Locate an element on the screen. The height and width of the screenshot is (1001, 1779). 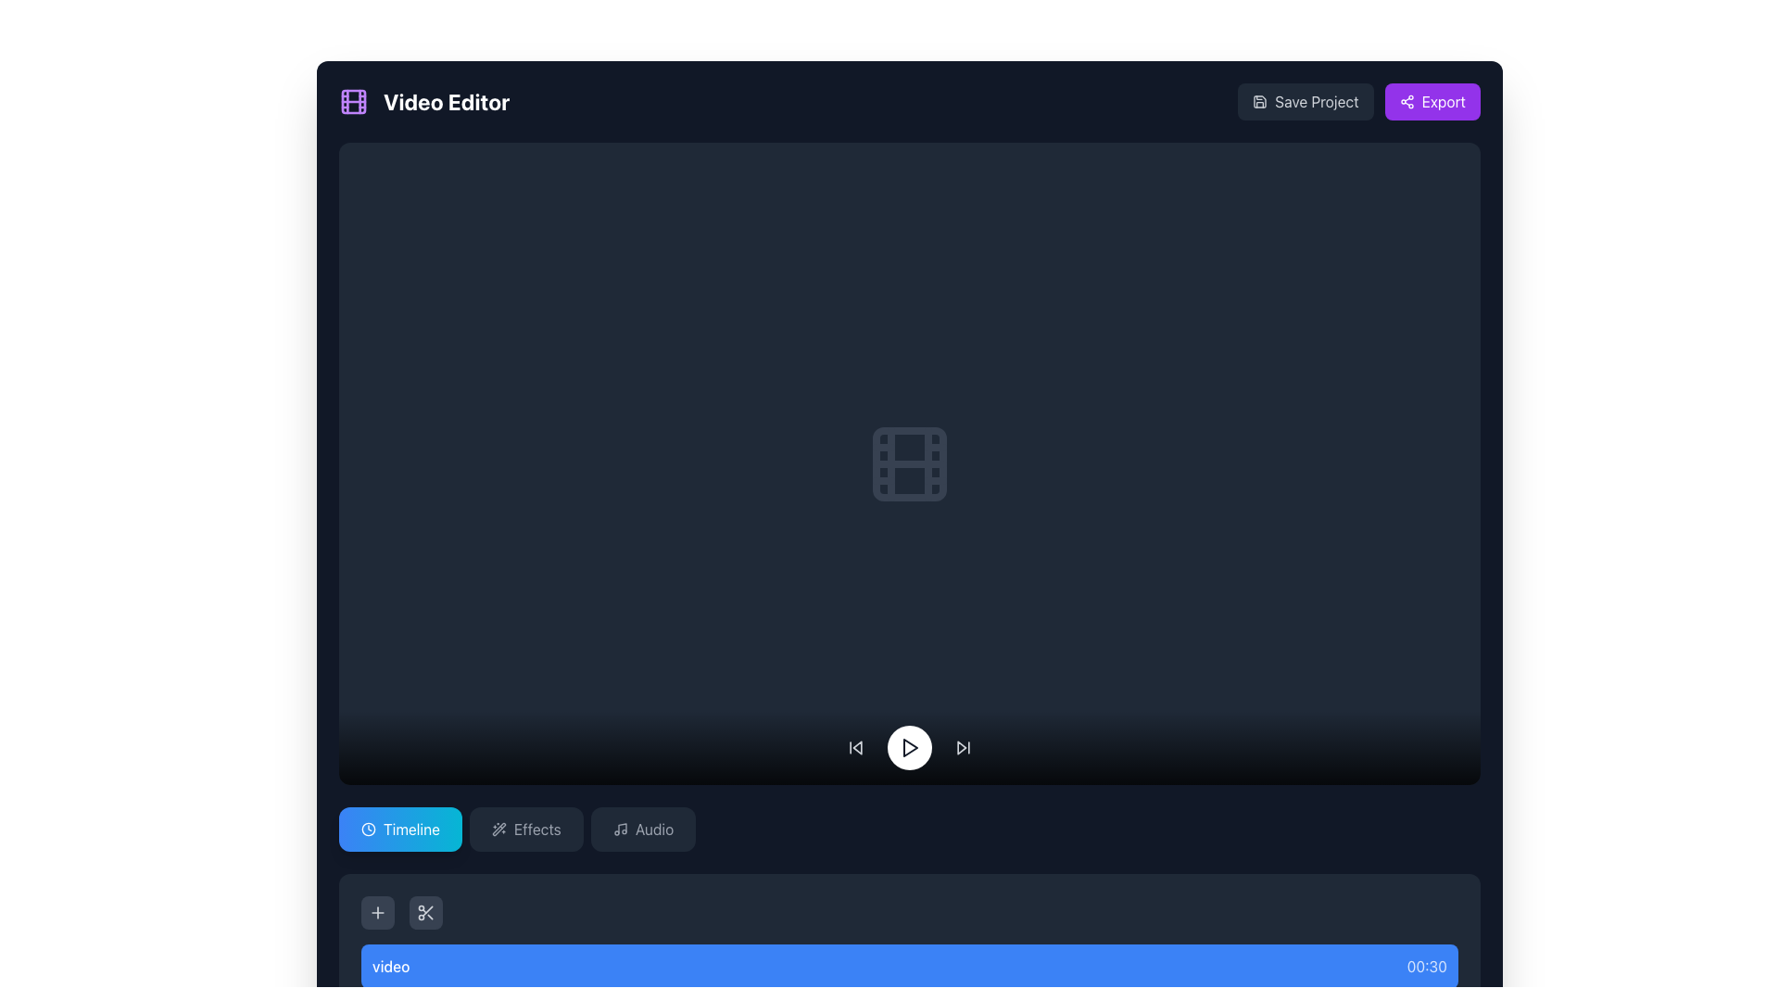
the play button located at the bottom center of the interface is located at coordinates (910, 746).